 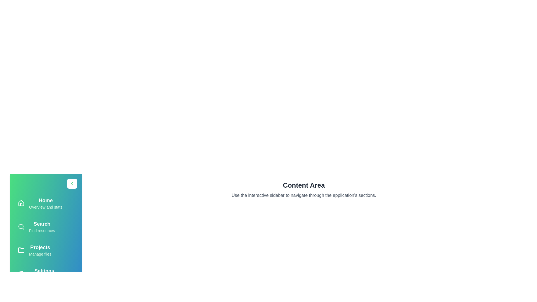 I want to click on the menu item Home to highlight it, so click(x=46, y=203).